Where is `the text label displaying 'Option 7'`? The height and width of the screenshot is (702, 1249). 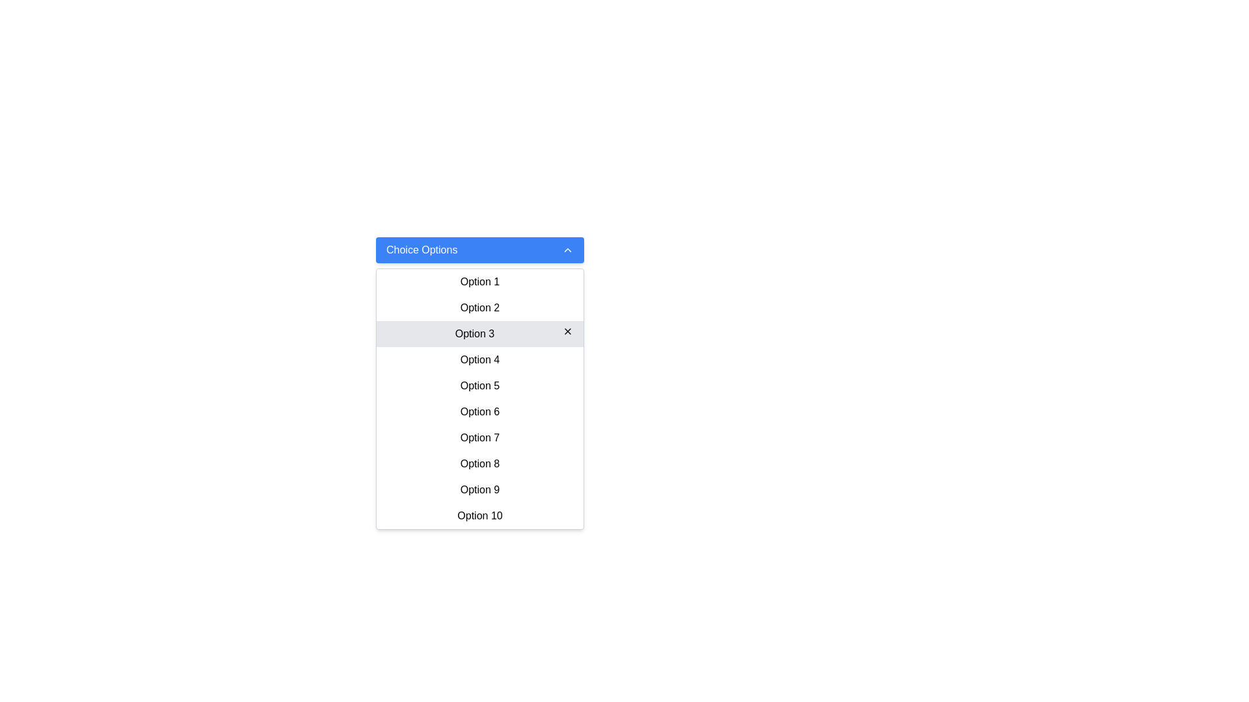
the text label displaying 'Option 7' is located at coordinates (479, 437).